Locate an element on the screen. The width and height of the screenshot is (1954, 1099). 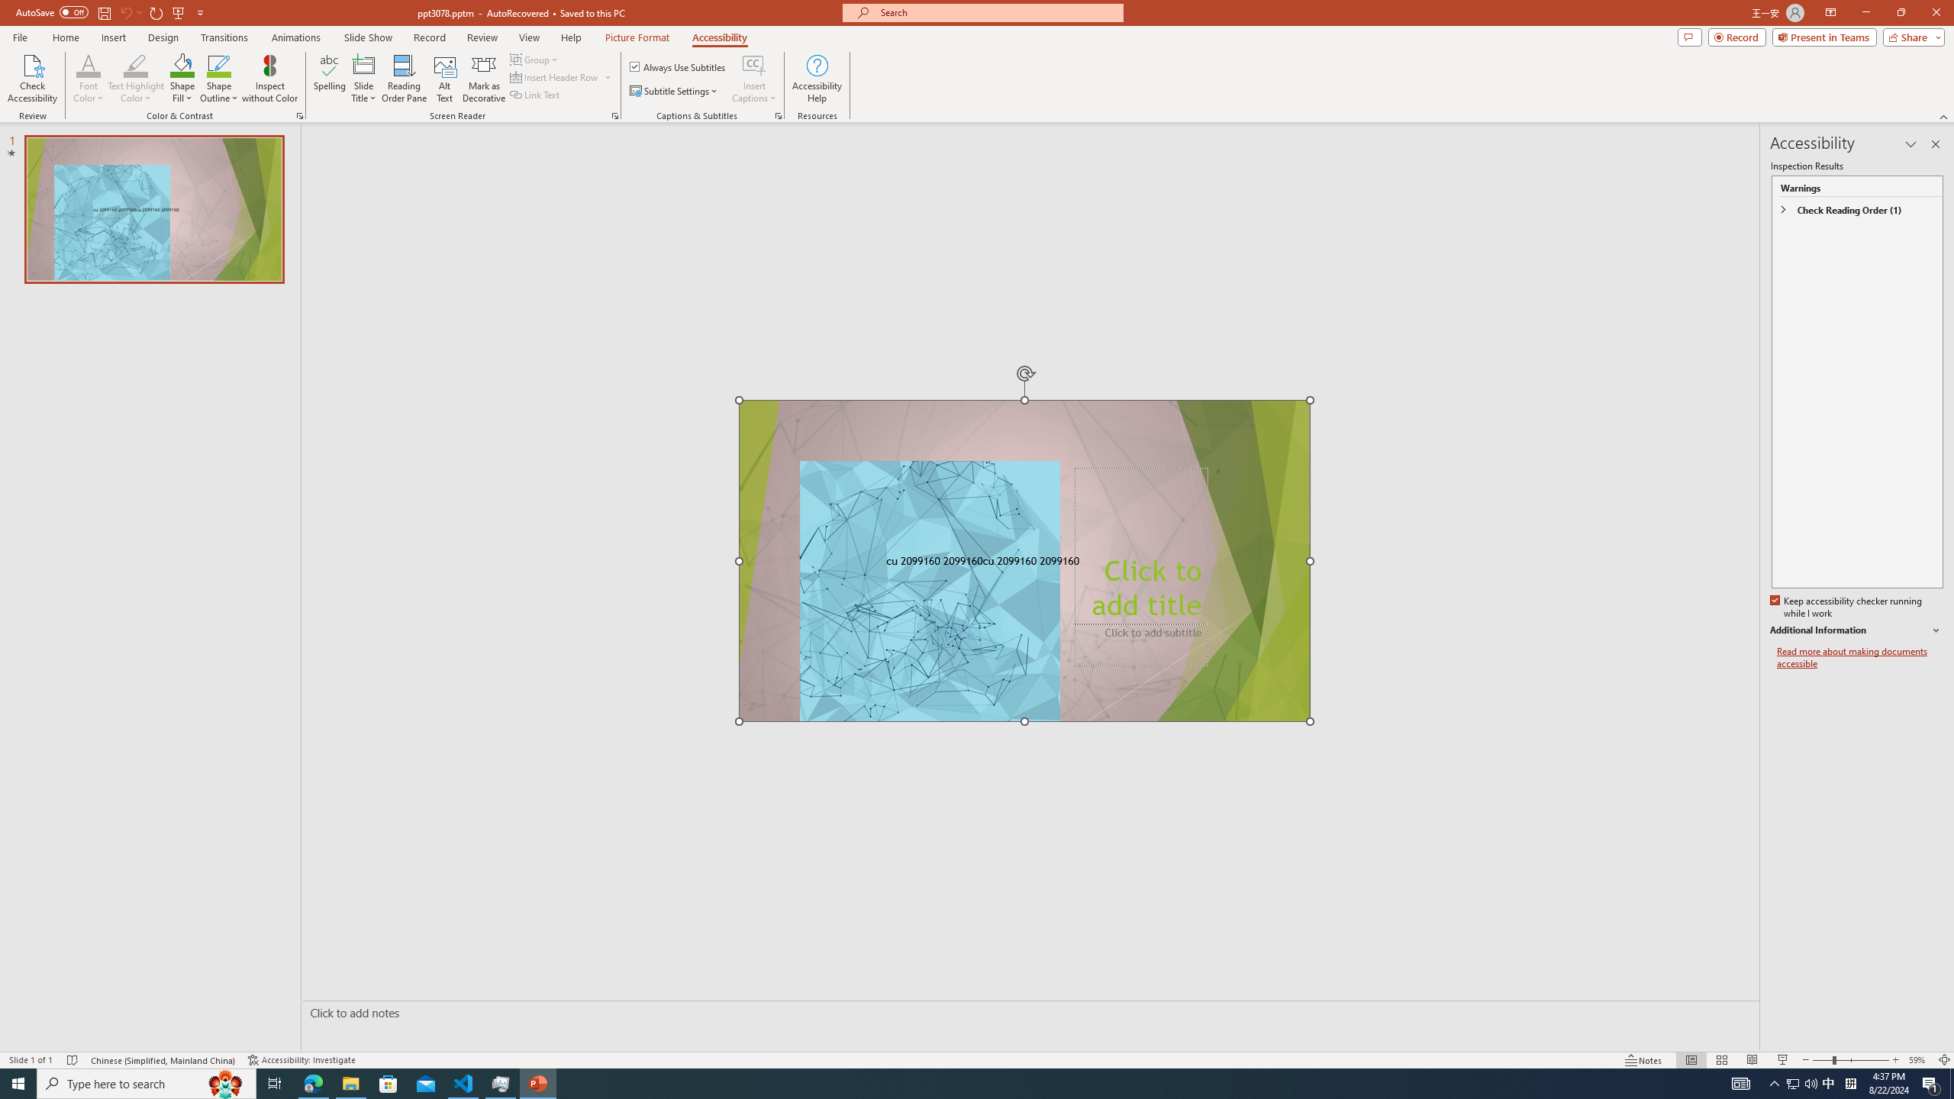
'Keep accessibility checker running while I work' is located at coordinates (1847, 608).